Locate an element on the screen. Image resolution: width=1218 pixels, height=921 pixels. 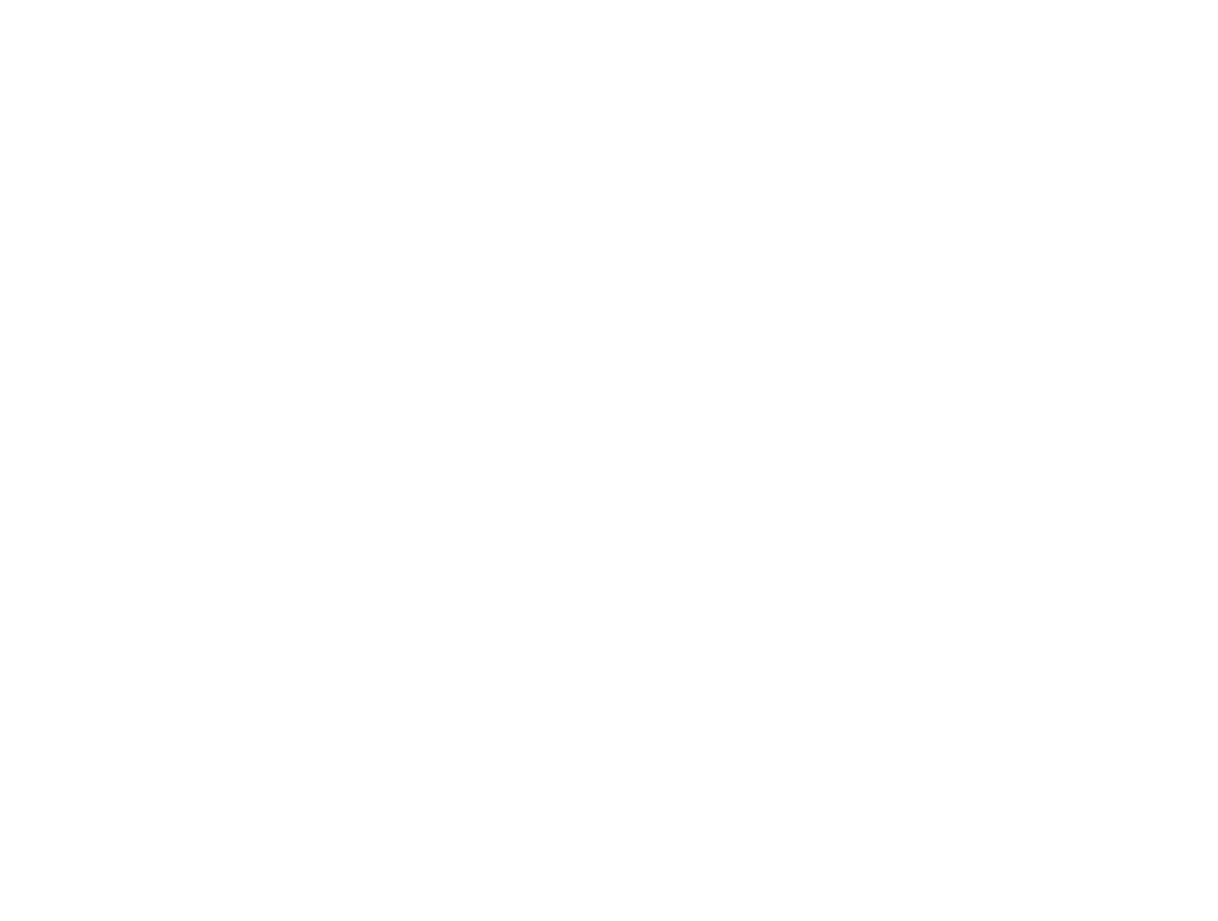
'Single Tie Down Kit' is located at coordinates (342, 904).